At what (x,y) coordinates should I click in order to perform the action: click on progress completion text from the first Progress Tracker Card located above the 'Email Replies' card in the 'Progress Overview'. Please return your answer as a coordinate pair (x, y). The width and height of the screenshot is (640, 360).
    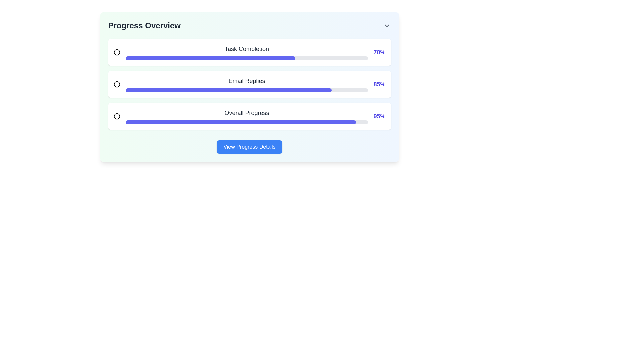
    Looking at the image, I should click on (249, 52).